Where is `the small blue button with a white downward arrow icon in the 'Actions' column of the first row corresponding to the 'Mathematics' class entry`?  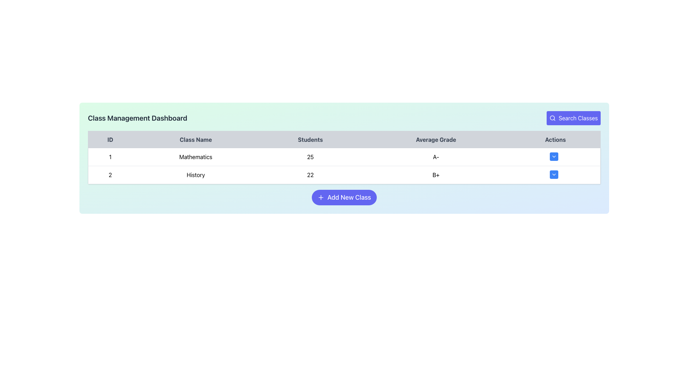 the small blue button with a white downward arrow icon in the 'Actions' column of the first row corresponding to the 'Mathematics' class entry is located at coordinates (555, 157).